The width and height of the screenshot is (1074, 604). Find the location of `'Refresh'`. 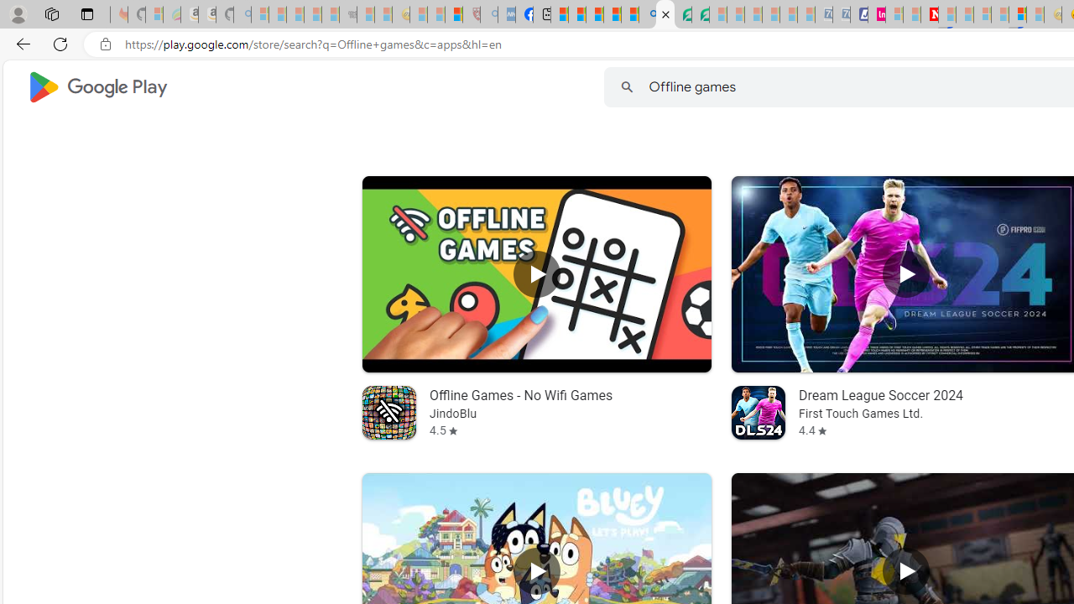

'Refresh' is located at coordinates (60, 43).